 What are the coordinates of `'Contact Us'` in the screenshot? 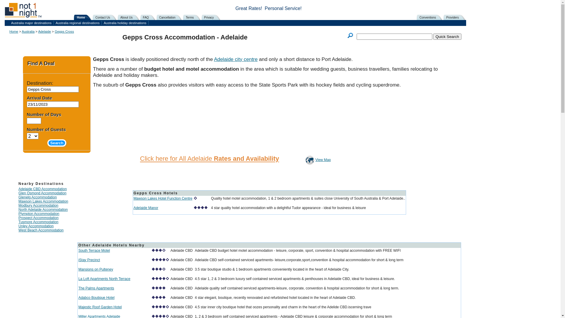 It's located at (106, 17).